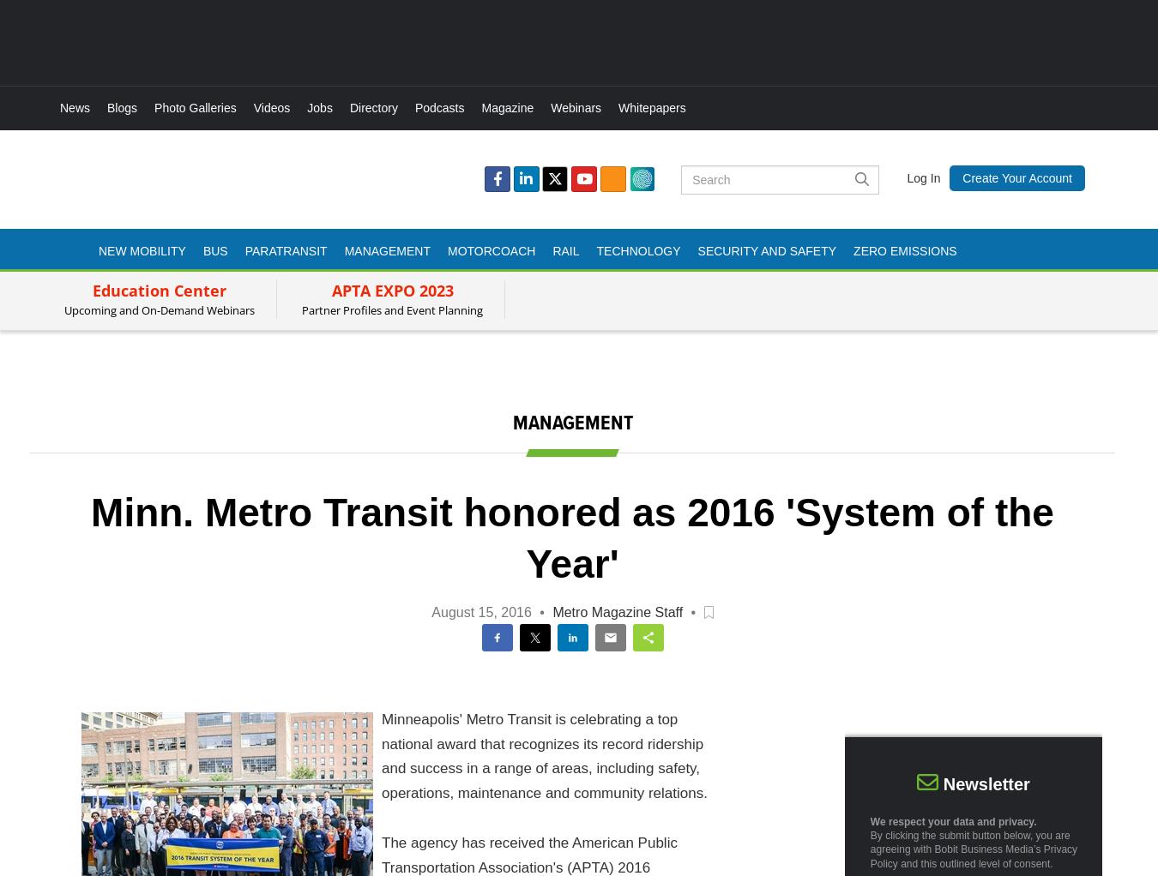 The image size is (1158, 876). Describe the element at coordinates (142, 249) in the screenshot. I see `'New Mobility'` at that location.